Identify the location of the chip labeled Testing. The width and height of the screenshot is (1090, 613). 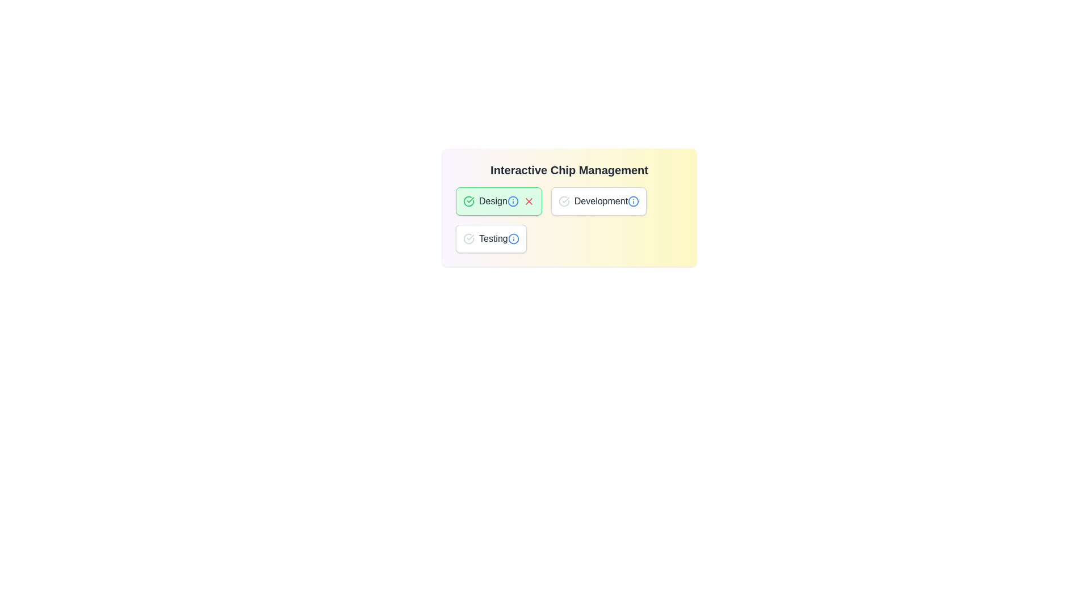
(491, 238).